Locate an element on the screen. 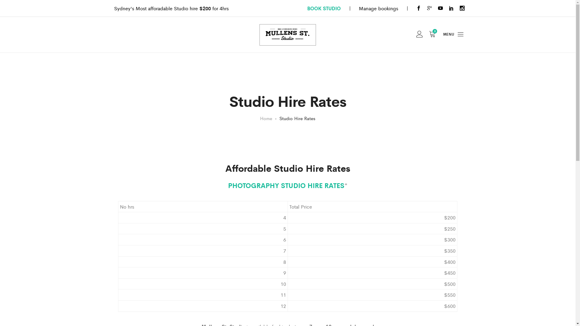 This screenshot has height=326, width=580. '0' is located at coordinates (429, 35).